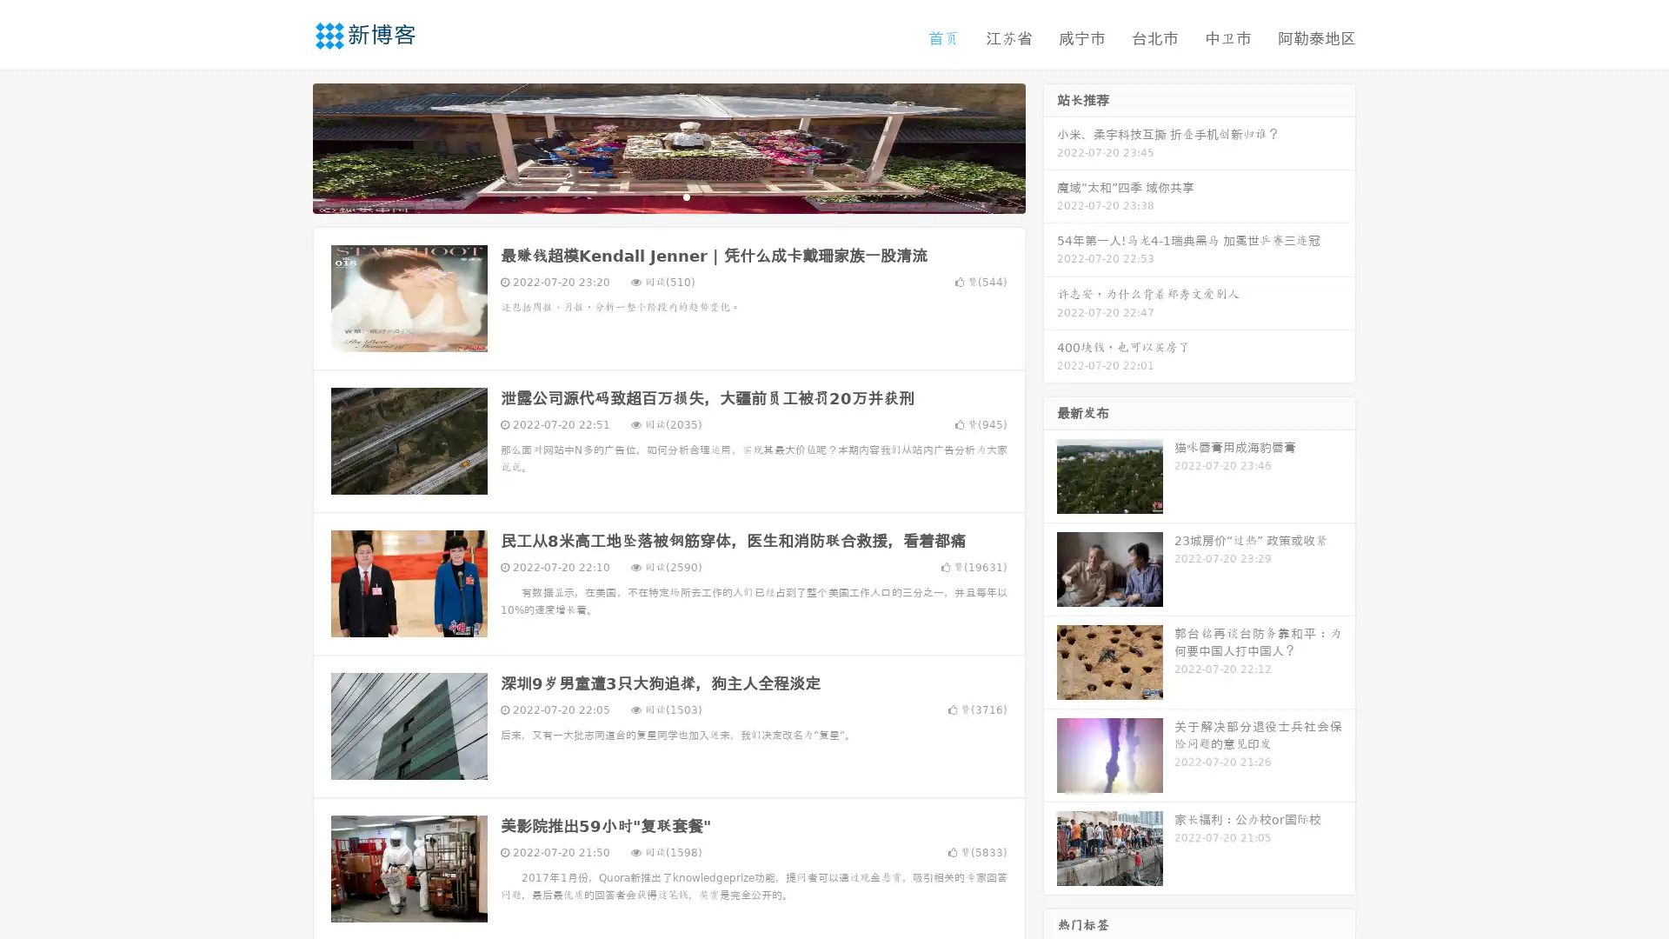  Describe the element at coordinates (686, 196) in the screenshot. I see `Go to slide 3` at that location.